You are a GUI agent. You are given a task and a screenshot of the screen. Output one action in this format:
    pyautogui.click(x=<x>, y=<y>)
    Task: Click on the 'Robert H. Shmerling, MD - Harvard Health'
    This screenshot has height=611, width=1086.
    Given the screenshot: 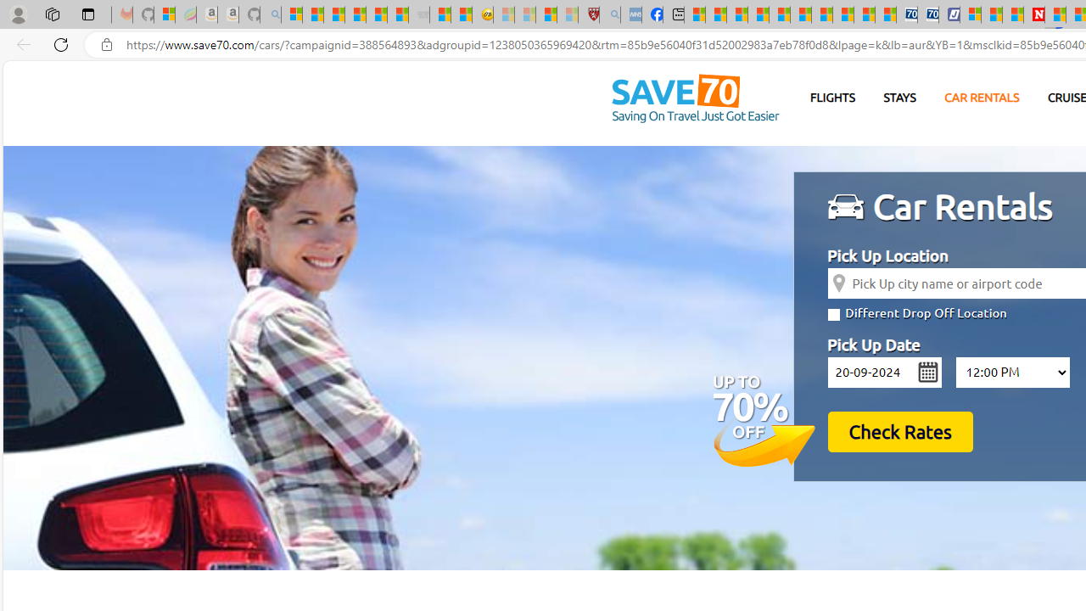 What is the action you would take?
    pyautogui.click(x=589, y=14)
    